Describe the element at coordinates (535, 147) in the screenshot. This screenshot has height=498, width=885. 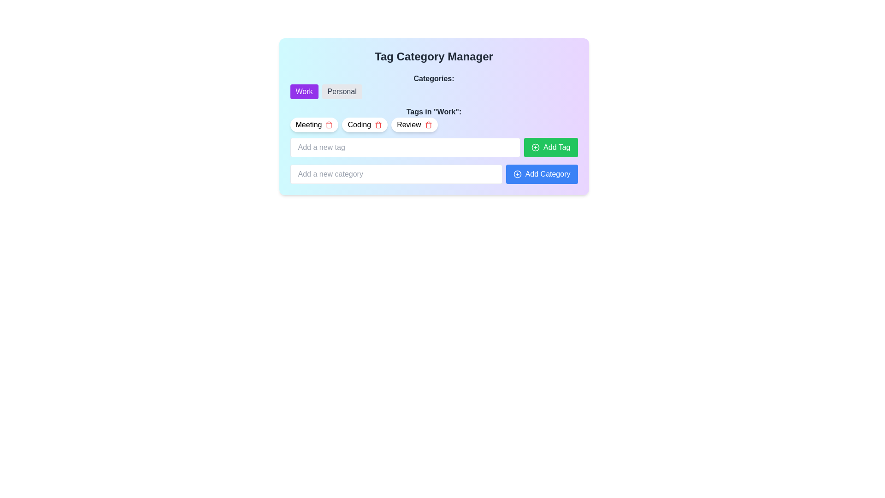
I see `the icon within the green 'Add Tag' button, located to the left of the text 'Add Tag.'` at that location.